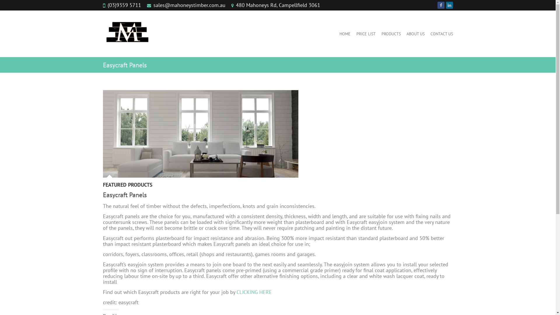  What do you see at coordinates (153, 5) in the screenshot?
I see `'sales@mahoneystimber.com.au'` at bounding box center [153, 5].